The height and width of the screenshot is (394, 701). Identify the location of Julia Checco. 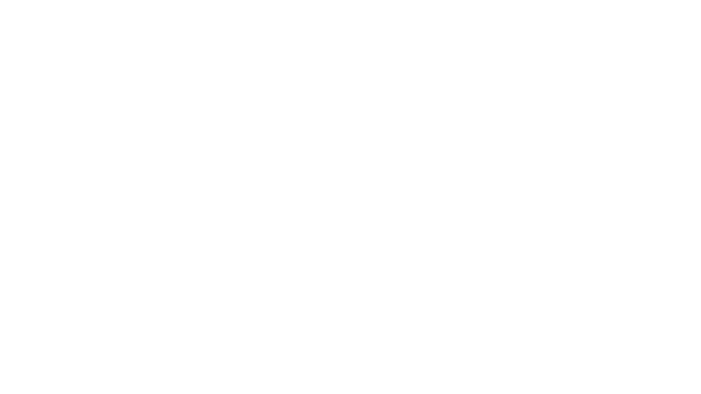
(350, 84).